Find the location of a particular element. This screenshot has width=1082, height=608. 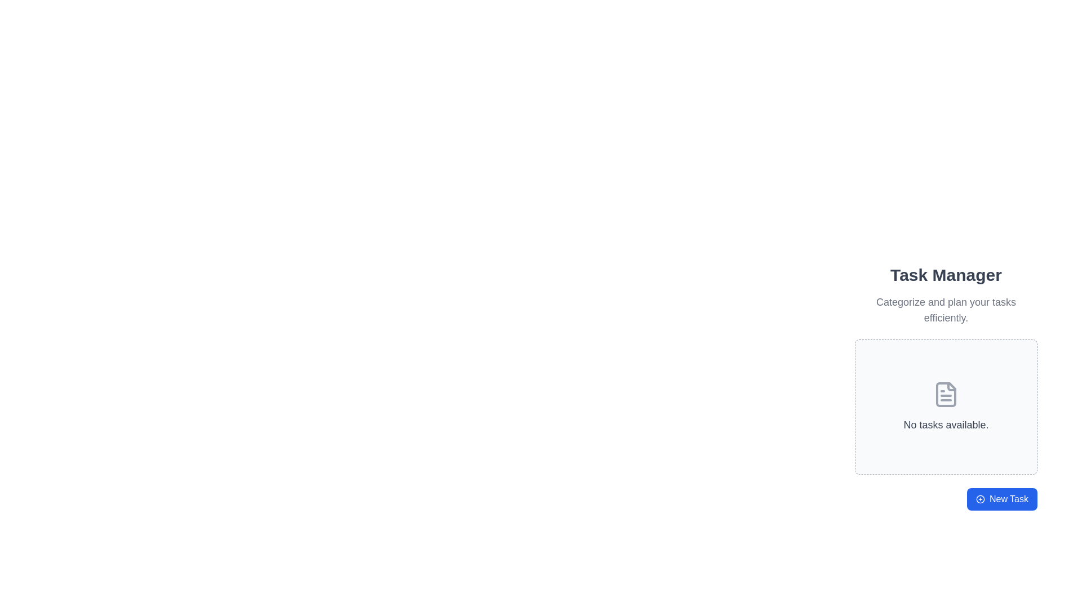

the Label with Icon that indicates there are currently no tasks is located at coordinates (946, 406).